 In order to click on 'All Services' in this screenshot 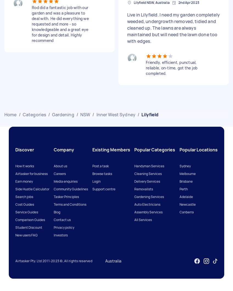, I will do `click(143, 219)`.